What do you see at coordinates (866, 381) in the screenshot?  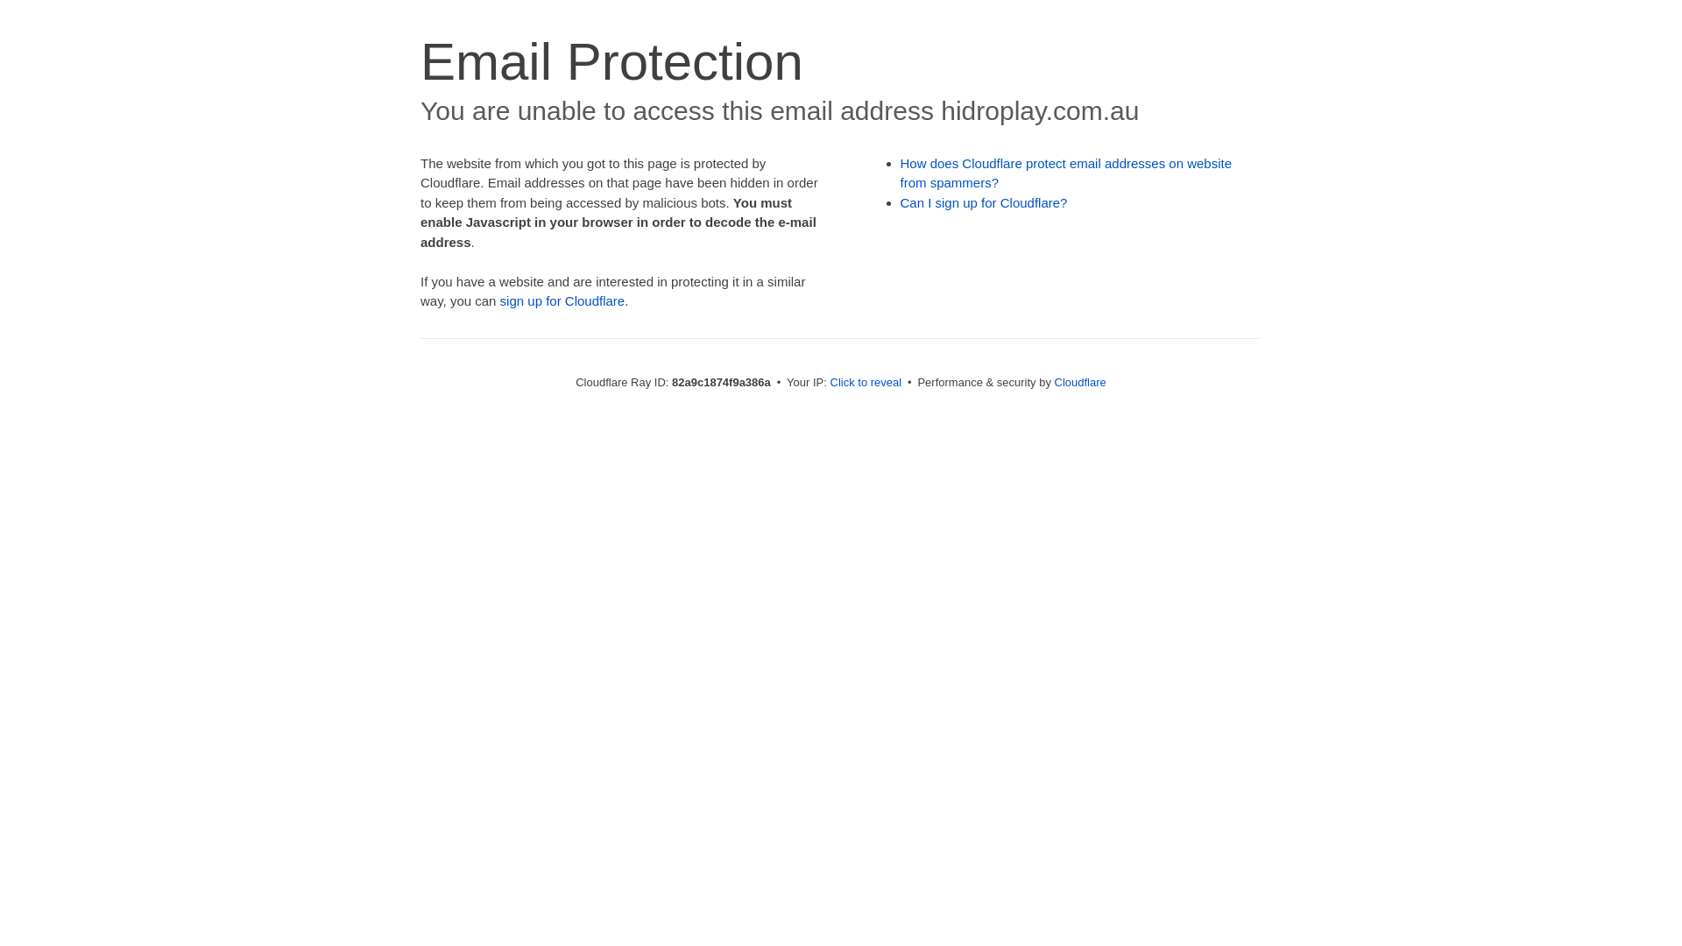 I see `'Click to reveal'` at bounding box center [866, 381].